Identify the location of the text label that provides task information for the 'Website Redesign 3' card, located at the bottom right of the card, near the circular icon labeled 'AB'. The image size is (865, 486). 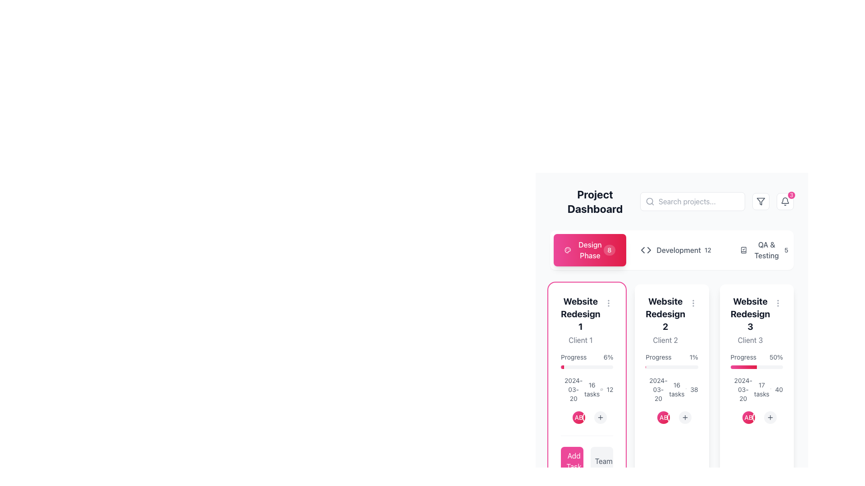
(761, 389).